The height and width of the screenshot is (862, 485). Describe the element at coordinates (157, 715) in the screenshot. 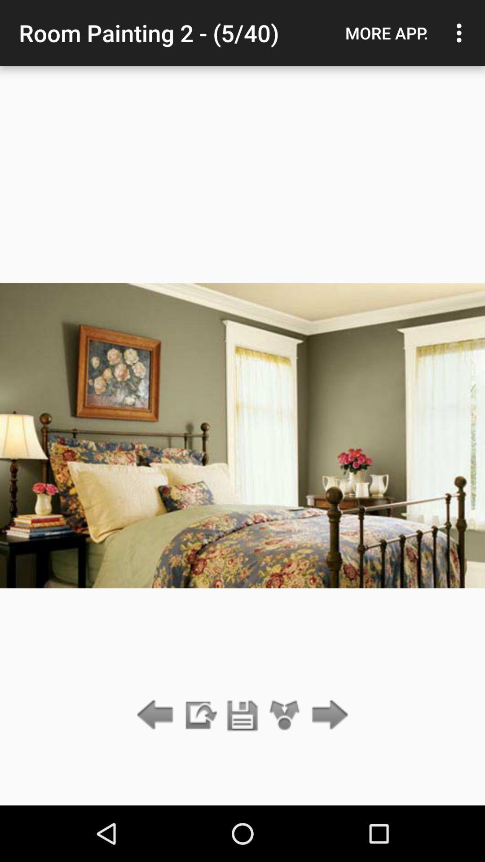

I see `the arrow_backward icon` at that location.